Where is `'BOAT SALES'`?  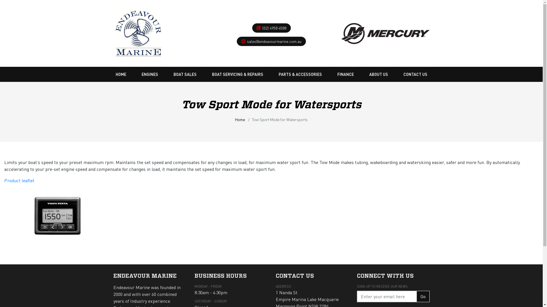
'BOAT SALES' is located at coordinates (185, 74).